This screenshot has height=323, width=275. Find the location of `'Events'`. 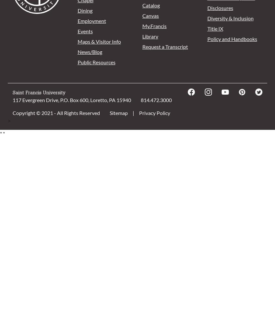

'Events' is located at coordinates (77, 31).